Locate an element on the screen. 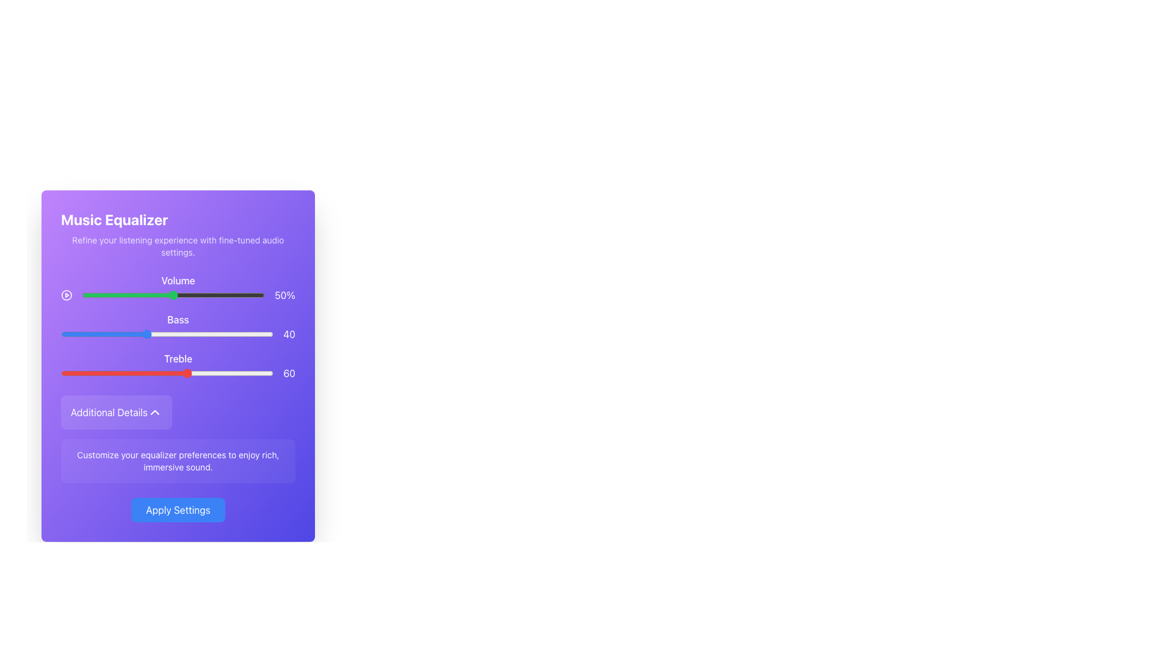 This screenshot has width=1172, height=659. the volume is located at coordinates (120, 295).